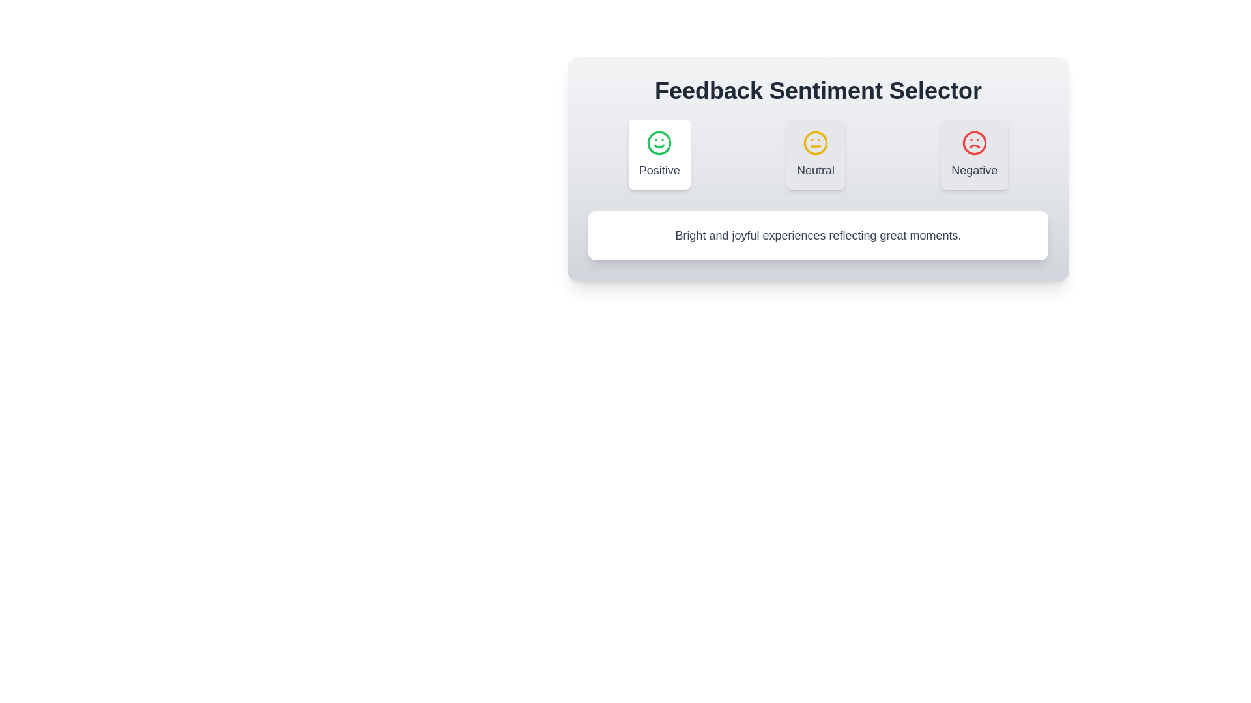 The image size is (1251, 703). I want to click on the Positive tab to observe visual feedback, so click(659, 154).